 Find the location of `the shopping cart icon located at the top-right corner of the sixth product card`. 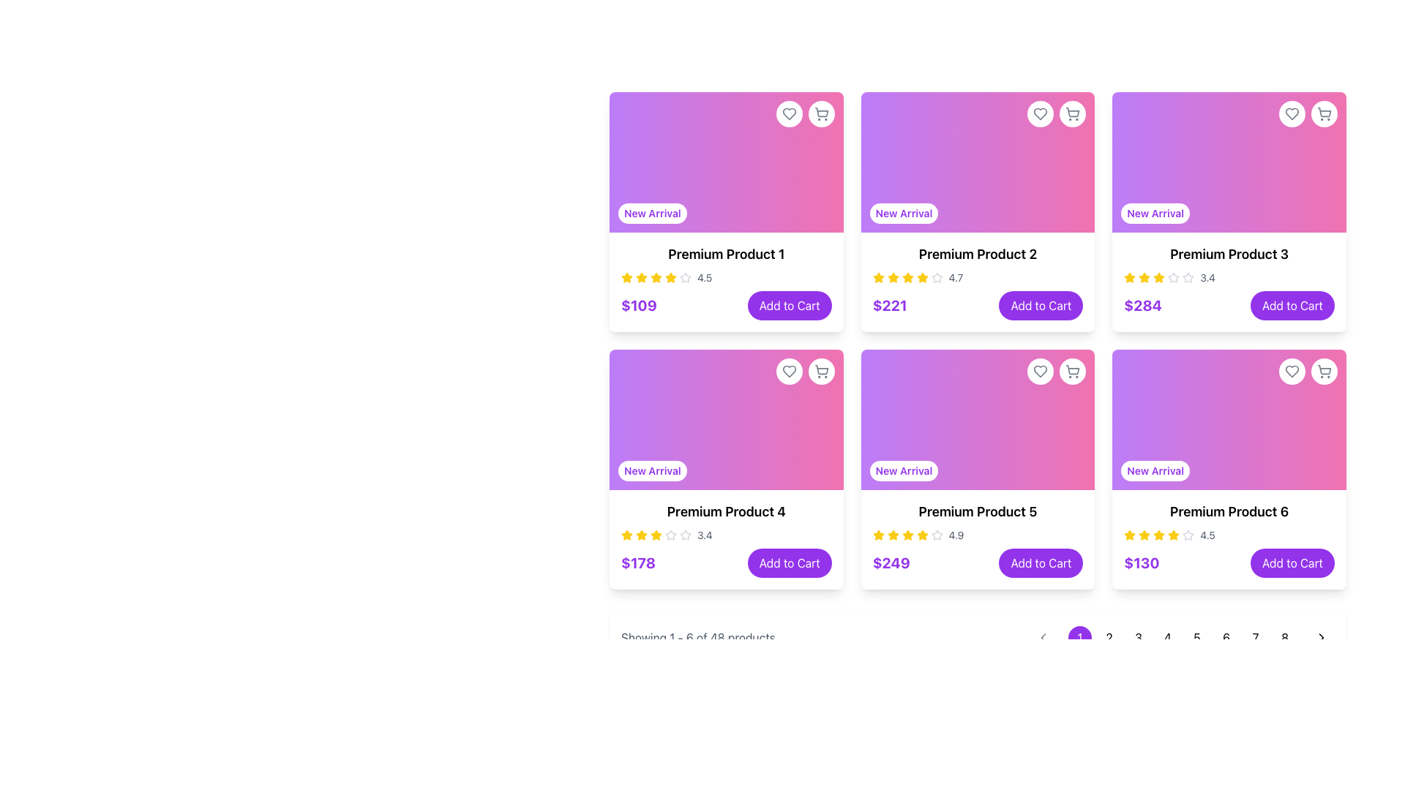

the shopping cart icon located at the top-right corner of the sixth product card is located at coordinates (1308, 371).